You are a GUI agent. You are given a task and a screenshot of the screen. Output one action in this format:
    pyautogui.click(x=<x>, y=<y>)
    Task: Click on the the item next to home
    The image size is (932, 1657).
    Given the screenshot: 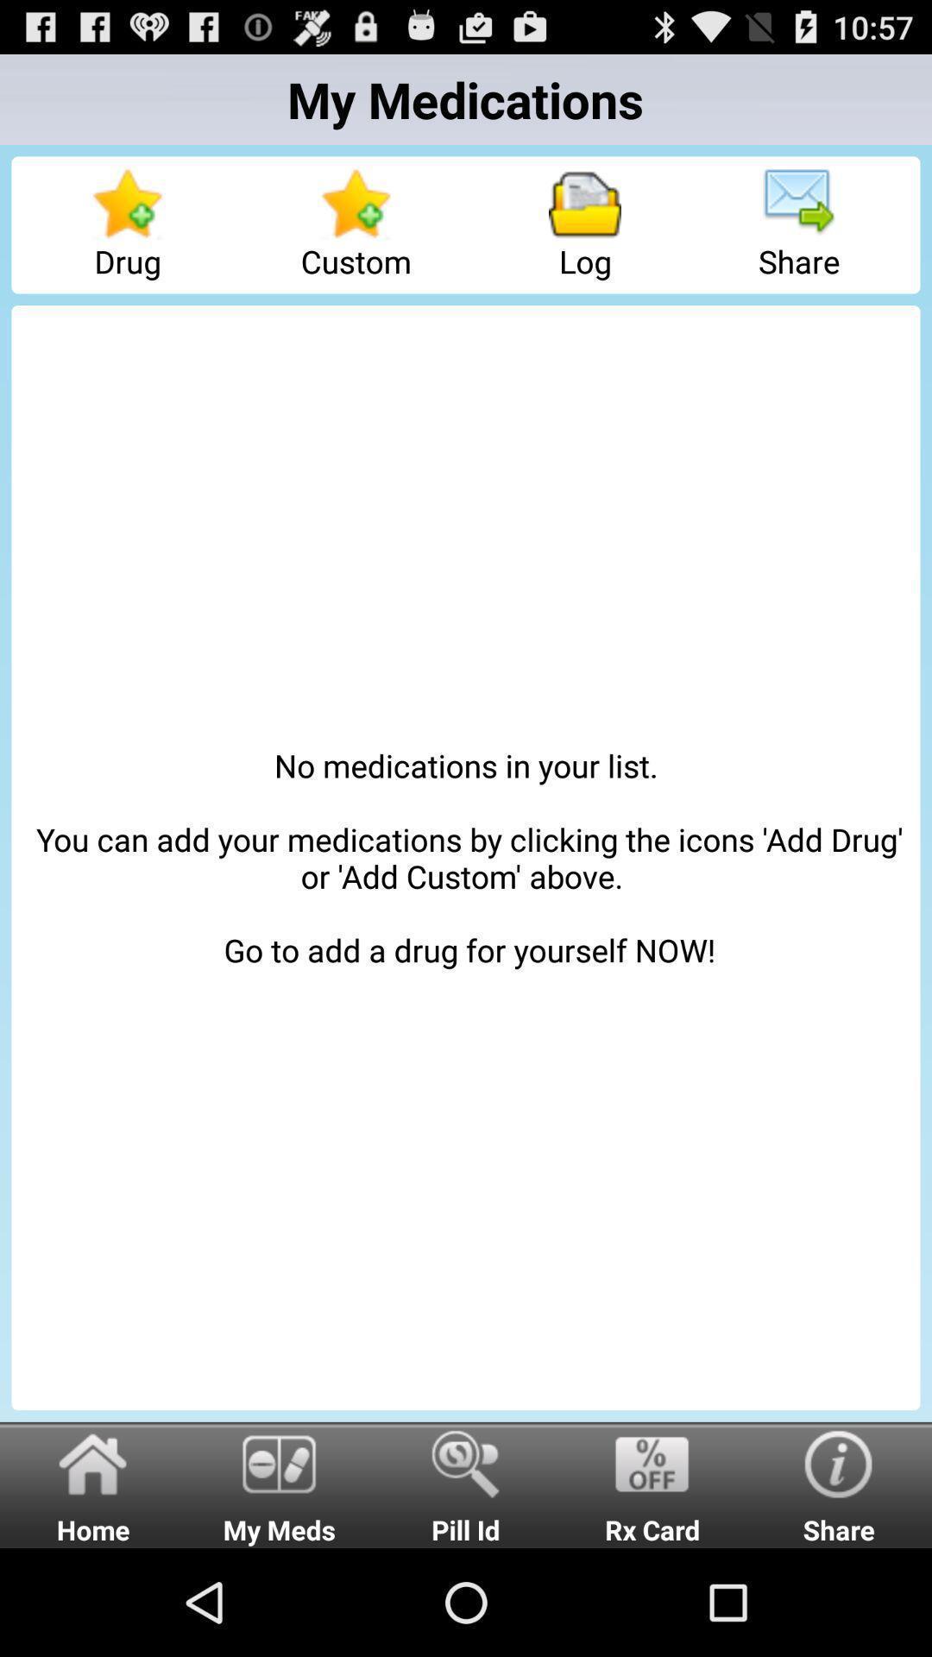 What is the action you would take?
    pyautogui.click(x=279, y=1484)
    